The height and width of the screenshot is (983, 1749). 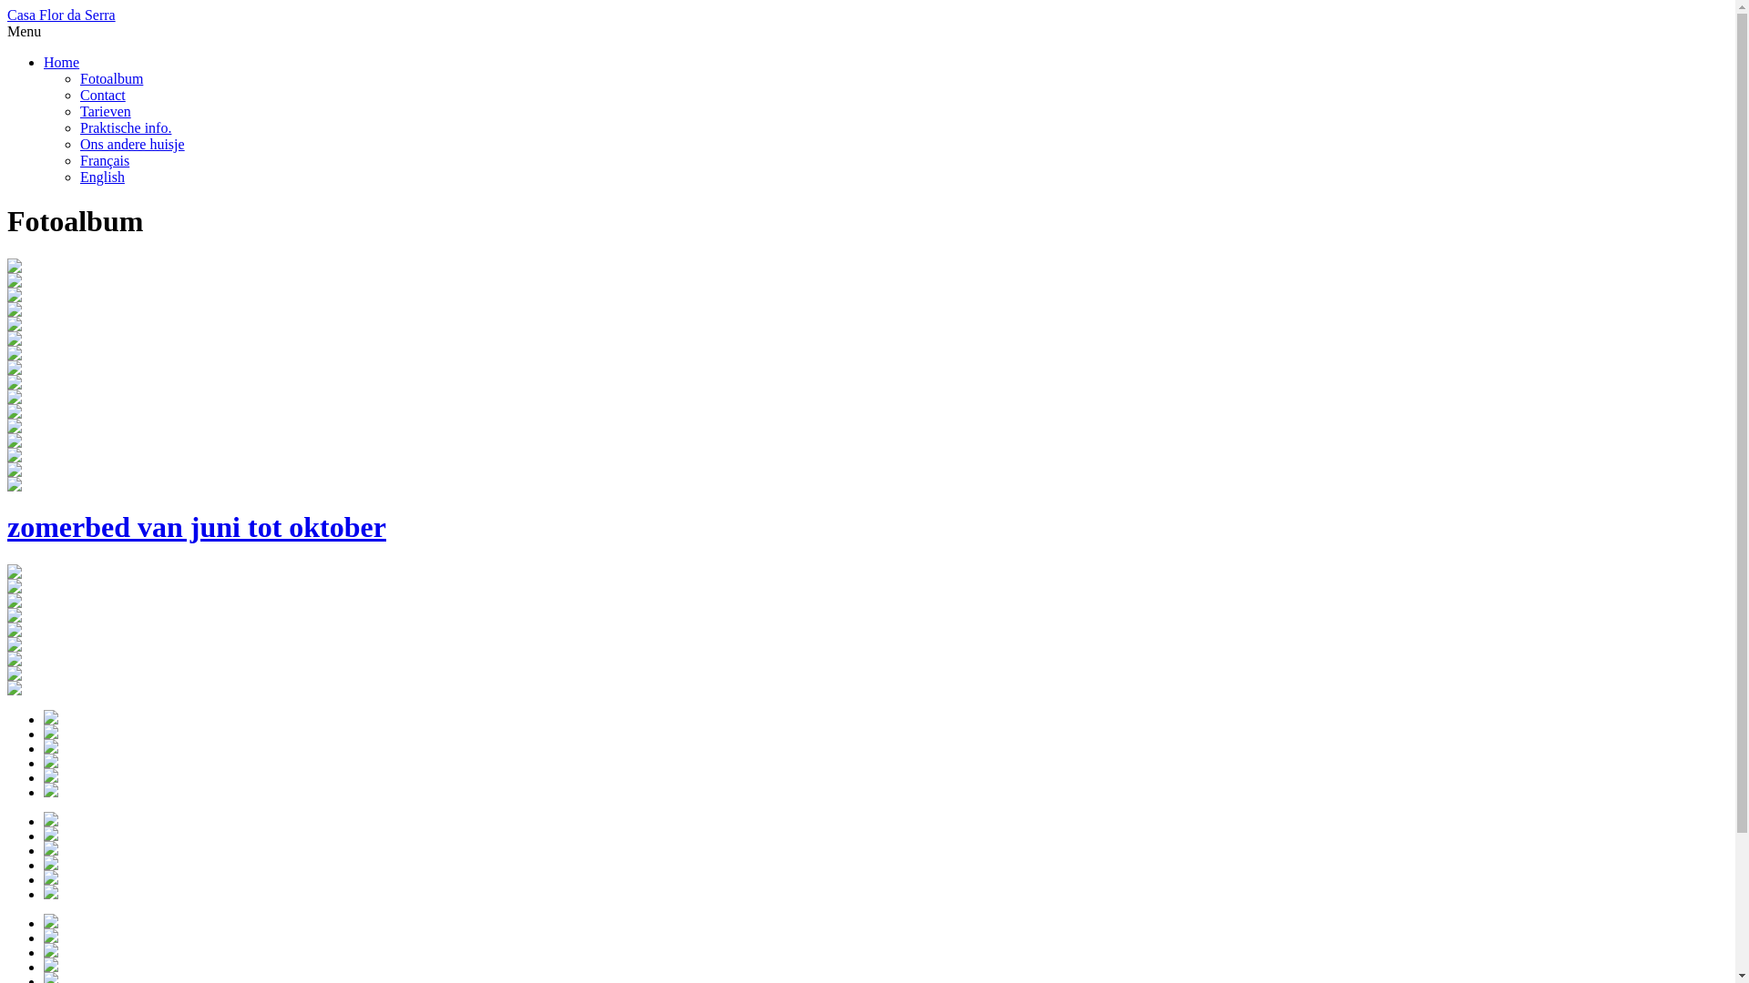 I want to click on 'Fotoalbum', so click(x=110, y=77).